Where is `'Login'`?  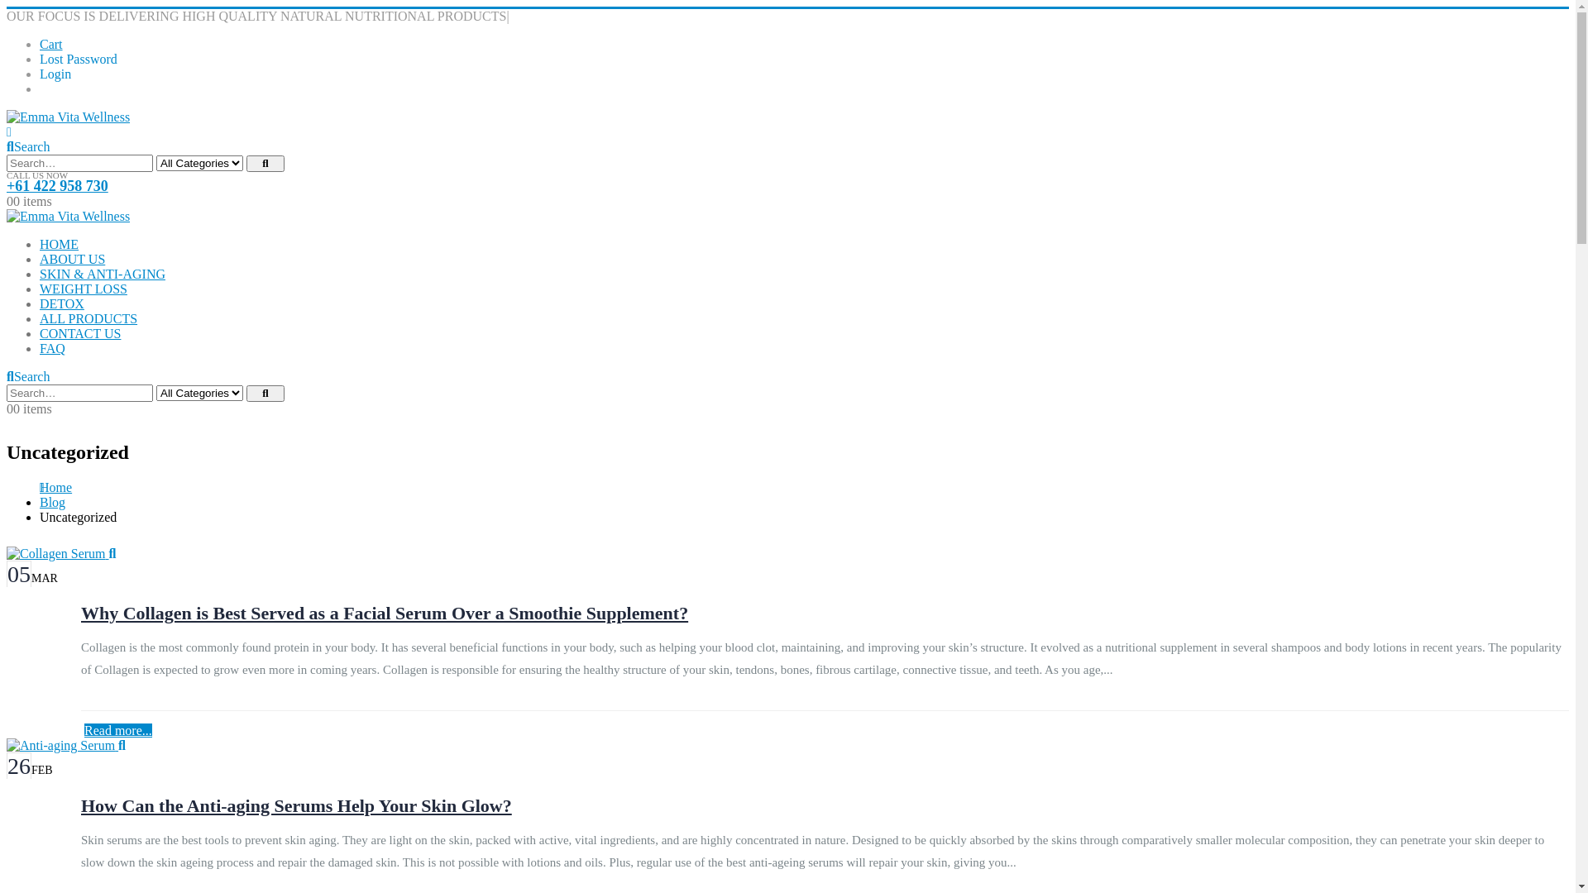 'Login' is located at coordinates (55, 73).